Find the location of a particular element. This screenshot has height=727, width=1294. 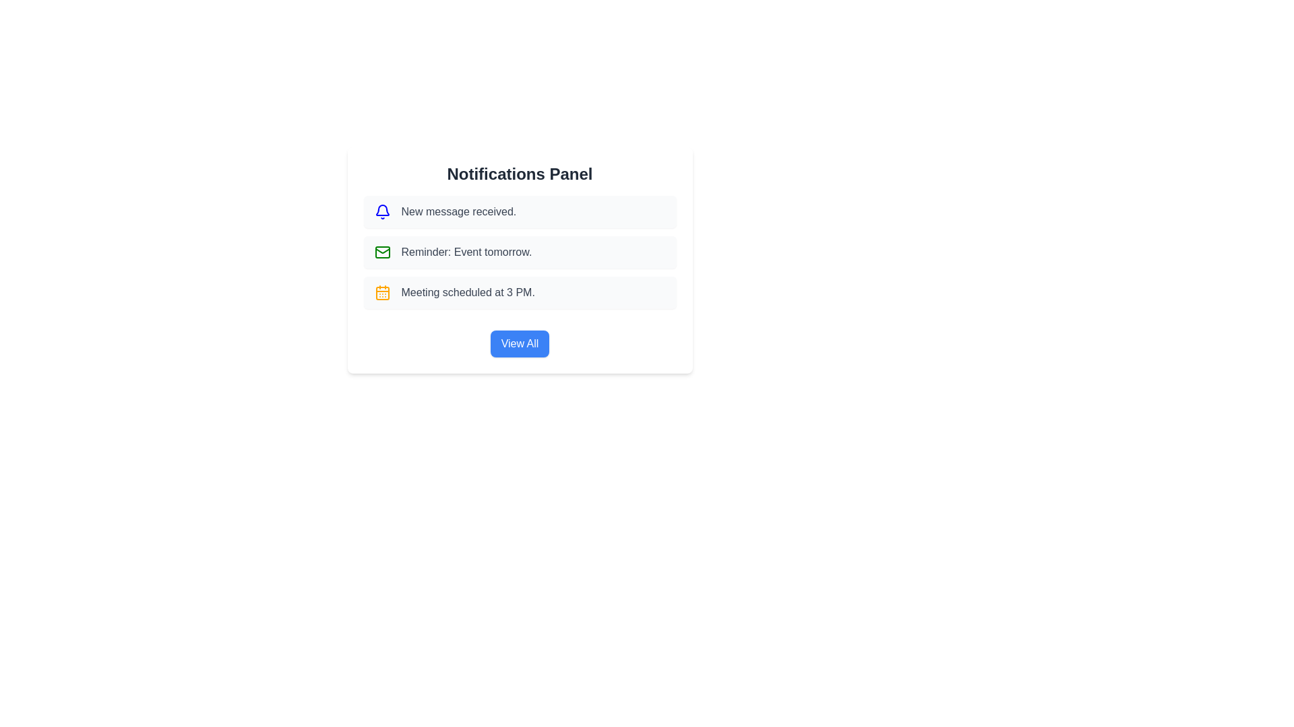

the third notification item in the Notifications Panel, which contains an orange calendar icon and the text 'Meeting scheduled at 3 PM.' is located at coordinates (519, 292).